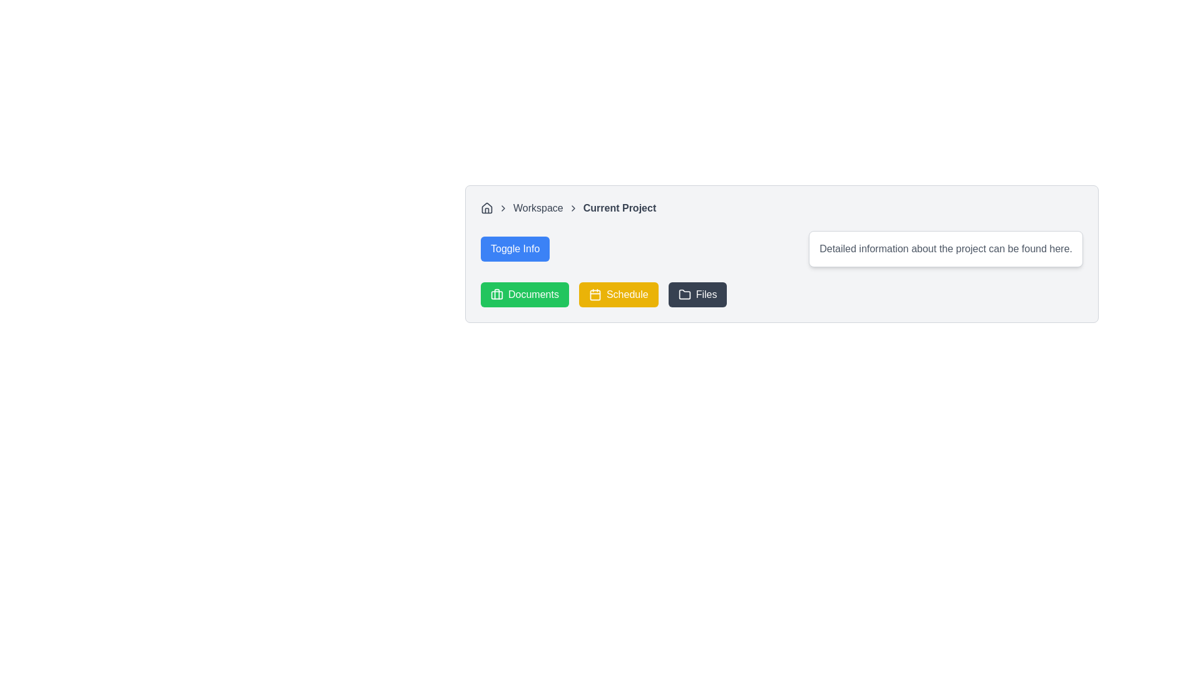 The image size is (1202, 676). What do you see at coordinates (684, 294) in the screenshot?
I see `the 'Files' icon, which is the third icon in the horizontal set located at the bottom right of the navigation area` at bounding box center [684, 294].